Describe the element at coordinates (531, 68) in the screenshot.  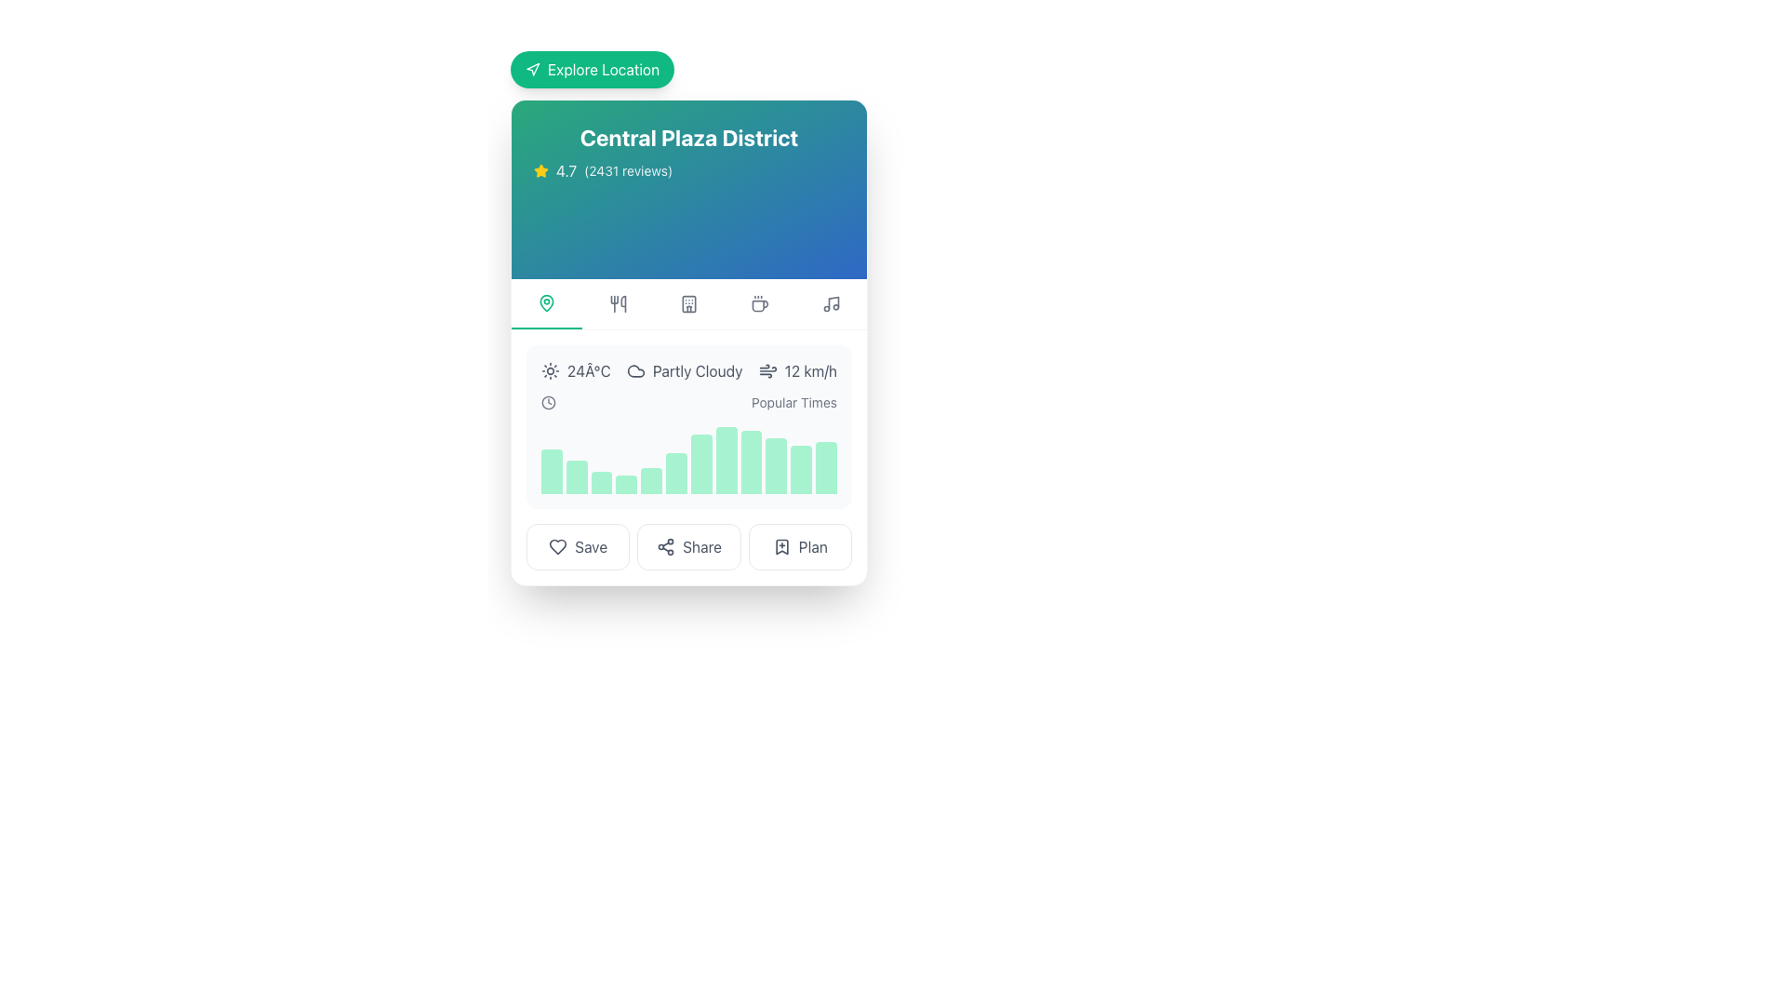
I see `the 'Explore Location' button which contains a triangular navigation icon on a green circular background, located at the top-left of the card interface` at that location.